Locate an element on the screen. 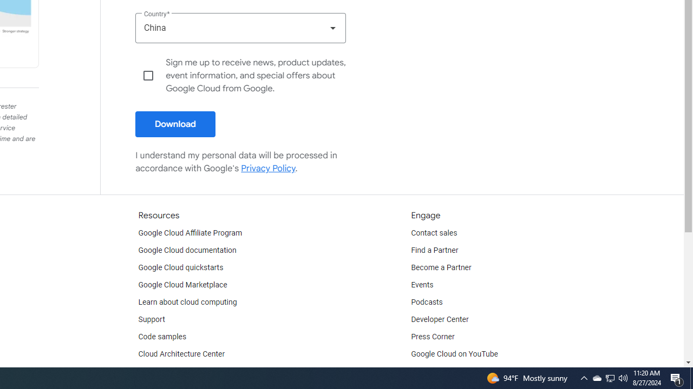 This screenshot has height=389, width=693. 'Download' is located at coordinates (175, 124).